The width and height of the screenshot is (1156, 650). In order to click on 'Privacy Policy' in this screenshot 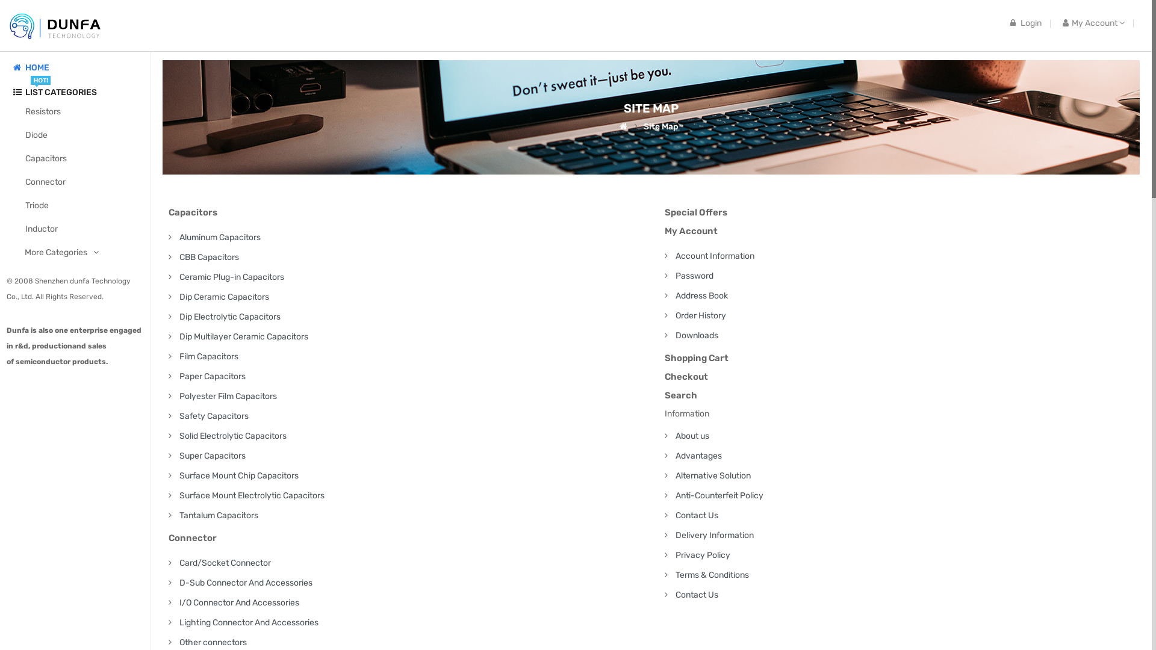, I will do `click(703, 555)`.